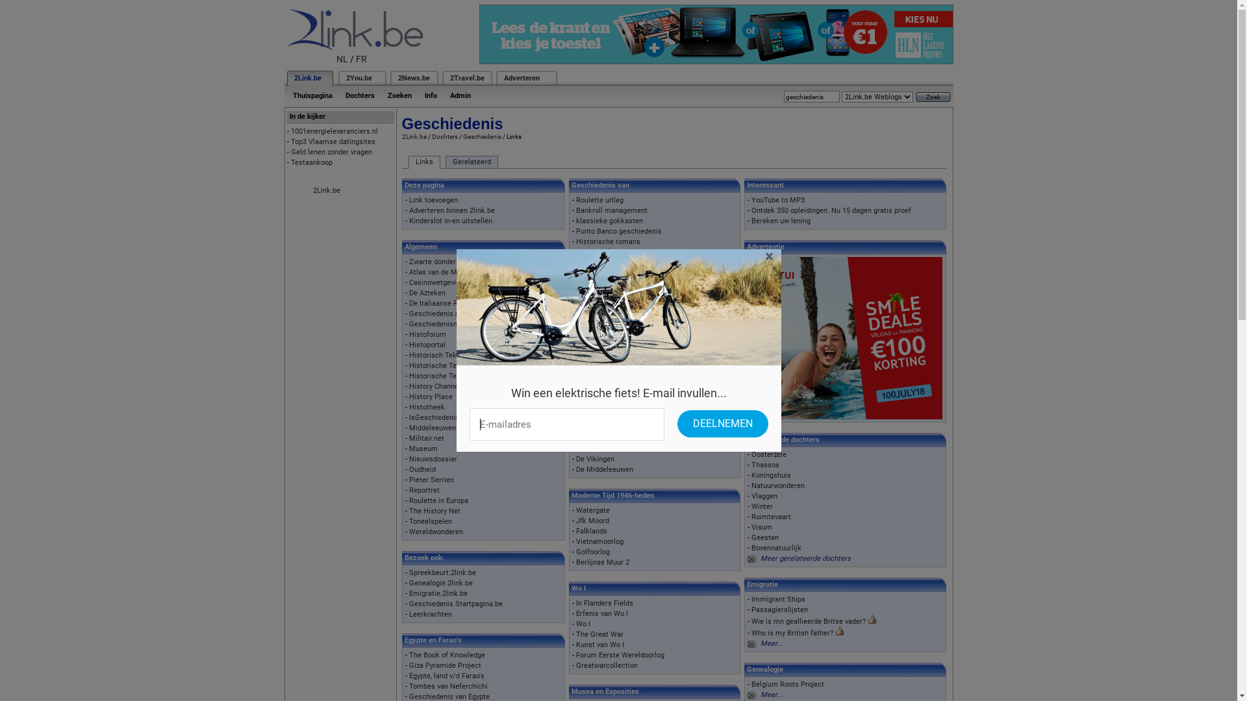 This screenshot has width=1247, height=701. I want to click on 'Immigrant Ships', so click(778, 599).